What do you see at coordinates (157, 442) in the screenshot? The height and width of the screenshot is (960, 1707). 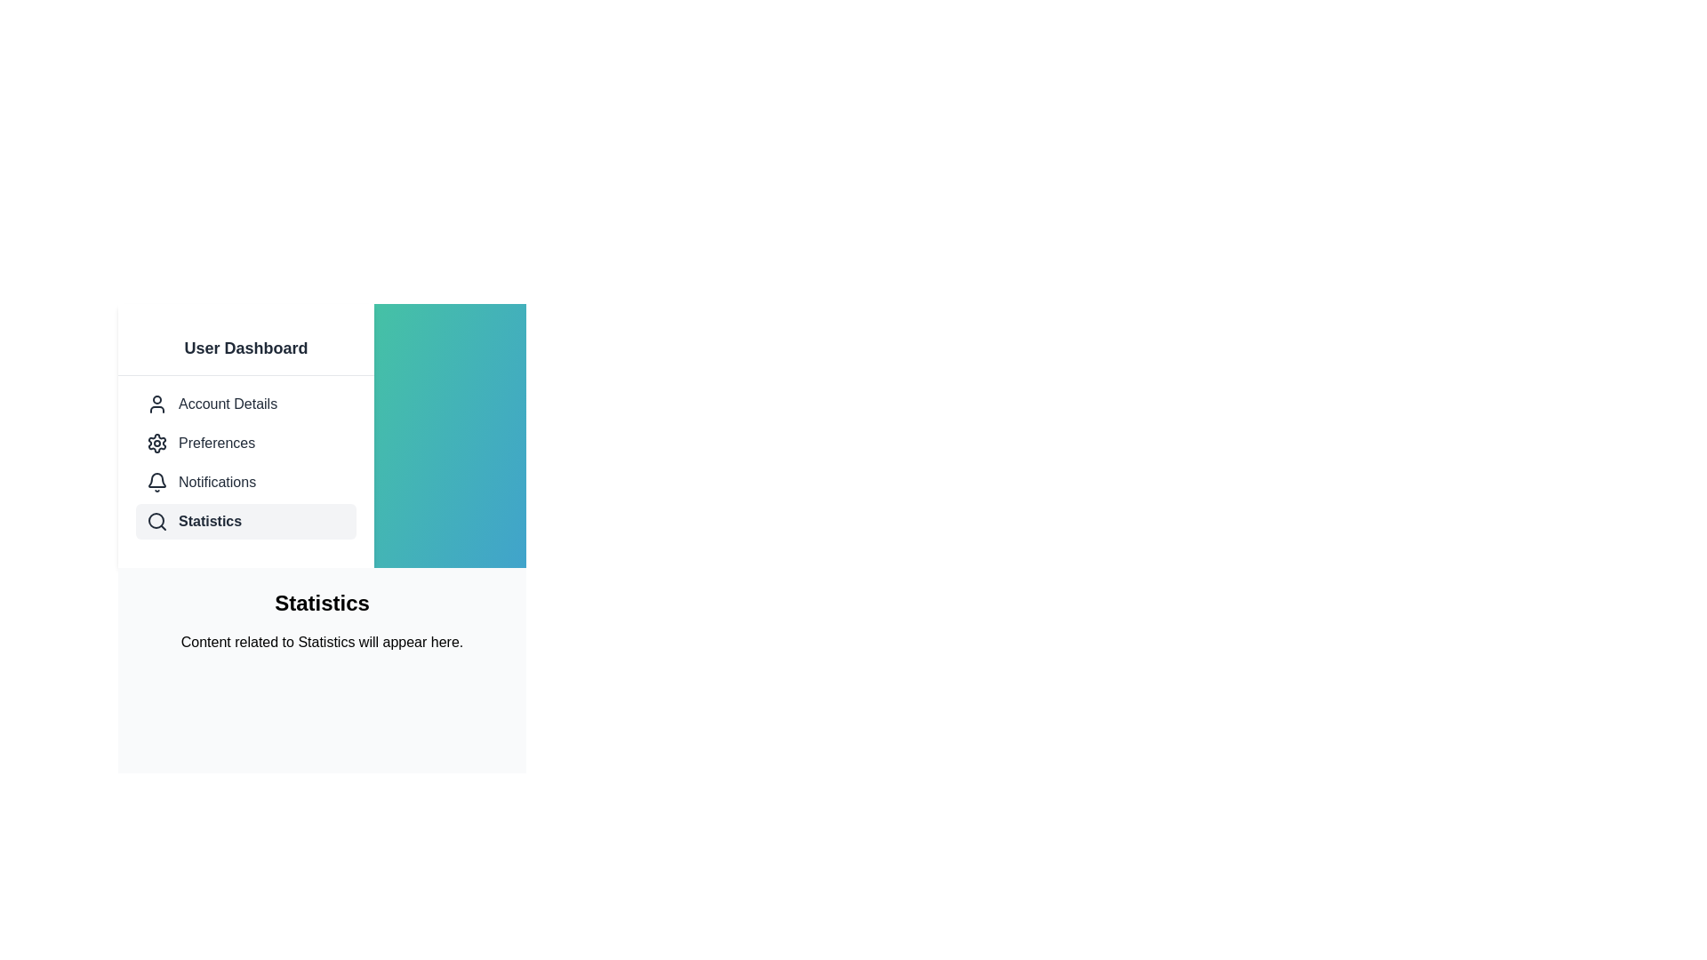 I see `the gear-shaped icon located near the bottom right corner of the main interface` at bounding box center [157, 442].